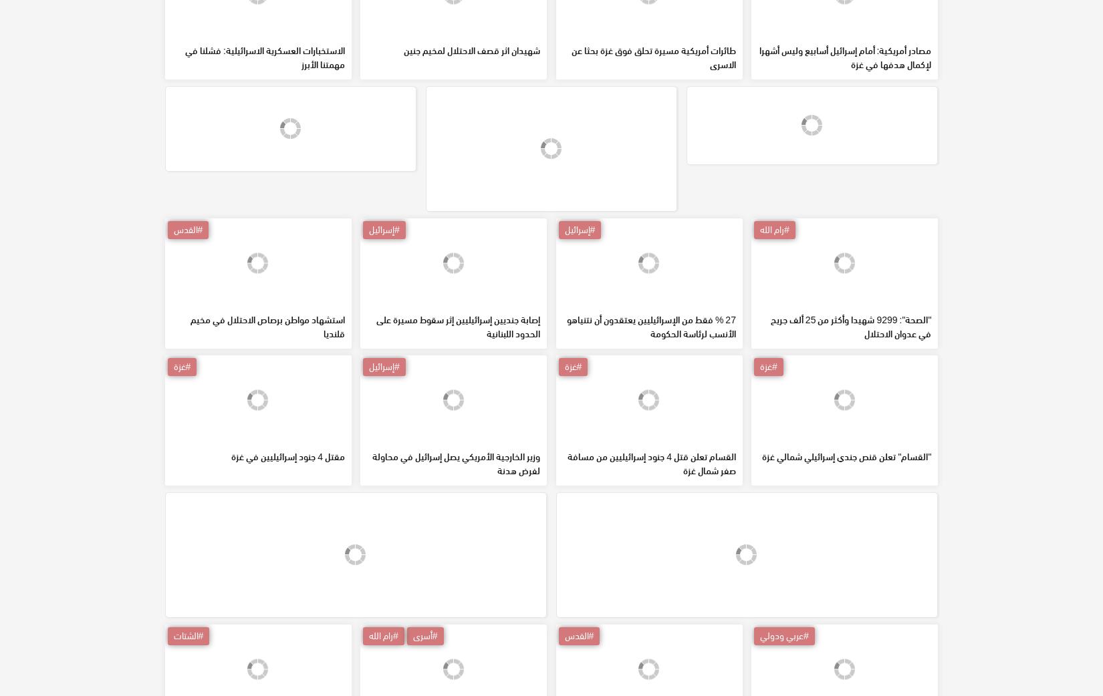 The height and width of the screenshot is (696, 1103). Describe the element at coordinates (774, 325) in the screenshot. I see `'#رام الله'` at that location.